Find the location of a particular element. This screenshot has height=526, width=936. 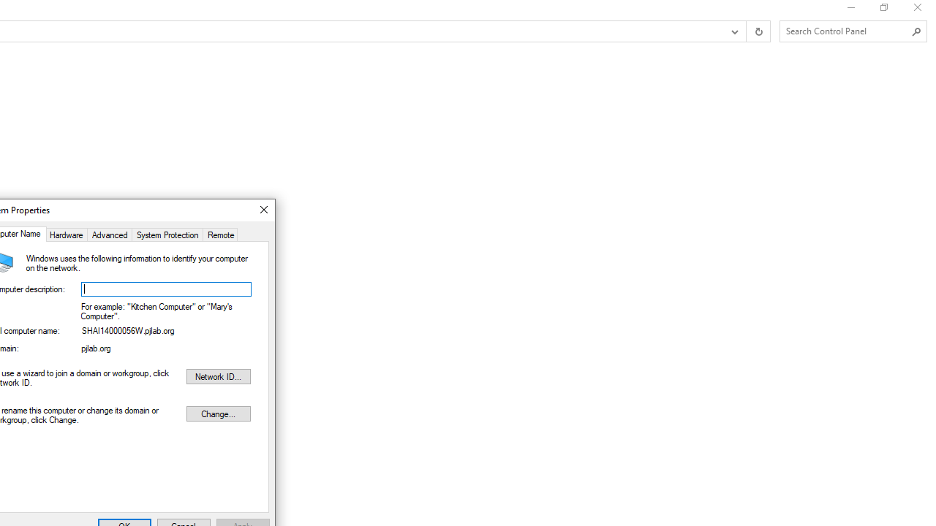

'Advanced' is located at coordinates (109, 233).